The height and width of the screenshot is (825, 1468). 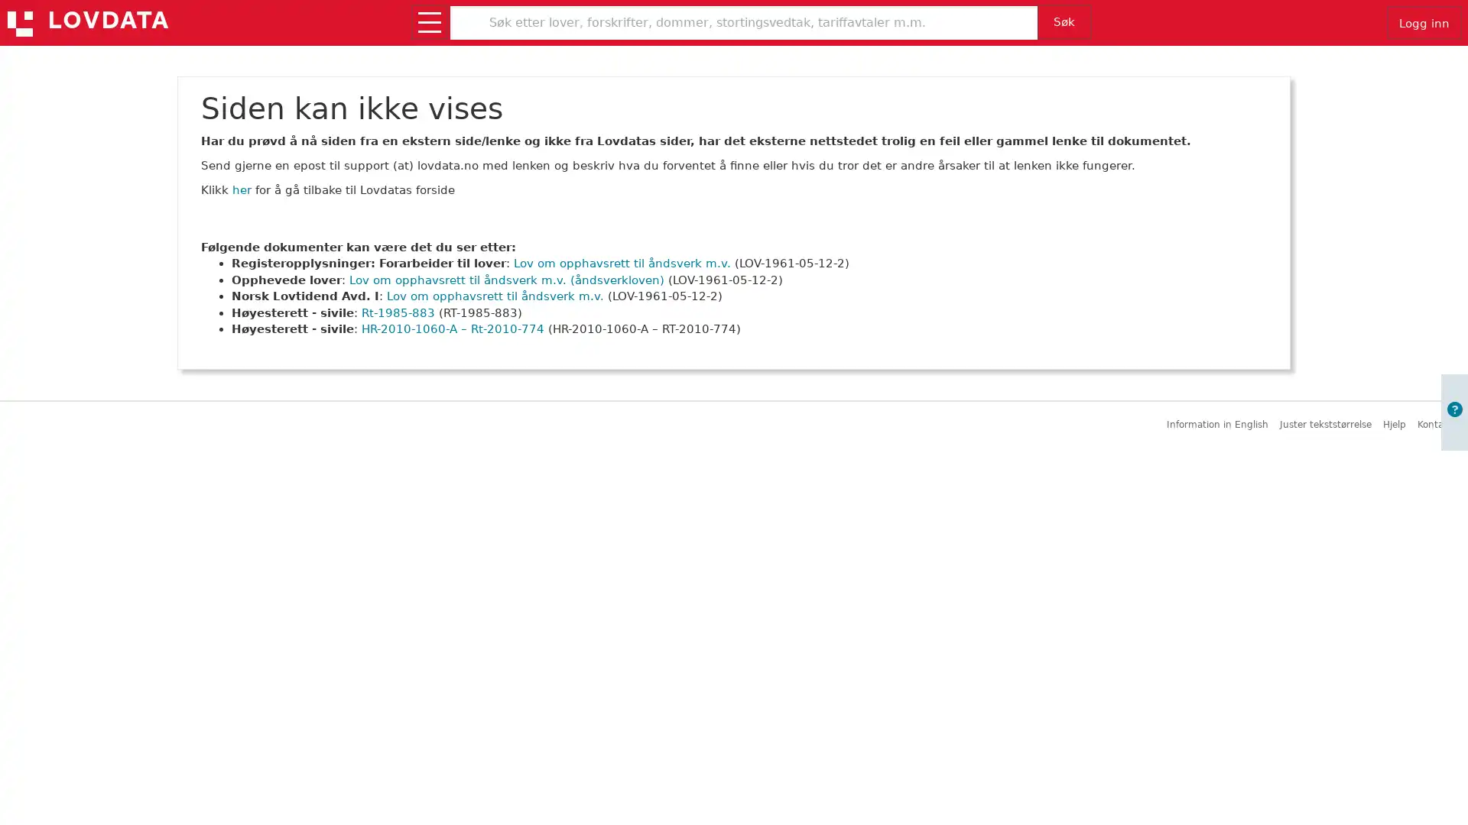 What do you see at coordinates (1453, 410) in the screenshot?
I see `Apne informasjon om brukerveiledning` at bounding box center [1453, 410].